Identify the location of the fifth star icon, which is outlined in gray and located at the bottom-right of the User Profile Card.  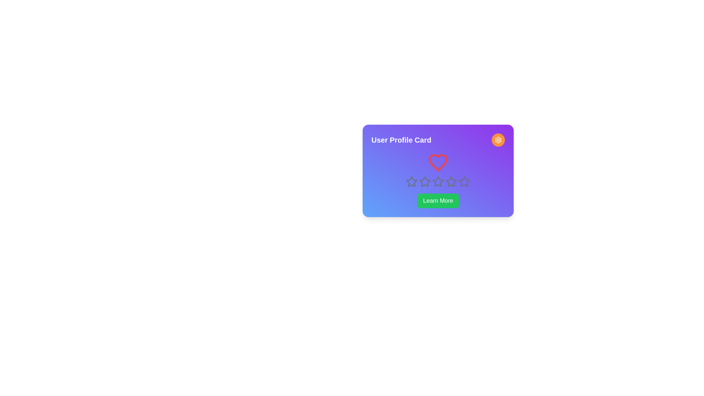
(464, 181).